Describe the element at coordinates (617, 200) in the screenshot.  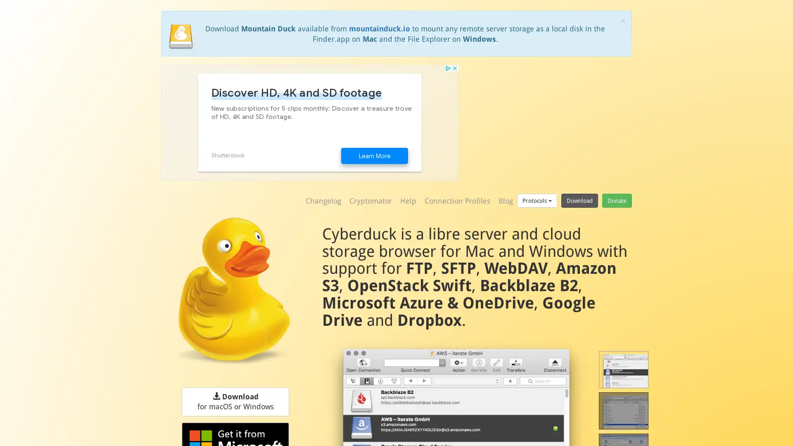
I see `Donate` at that location.